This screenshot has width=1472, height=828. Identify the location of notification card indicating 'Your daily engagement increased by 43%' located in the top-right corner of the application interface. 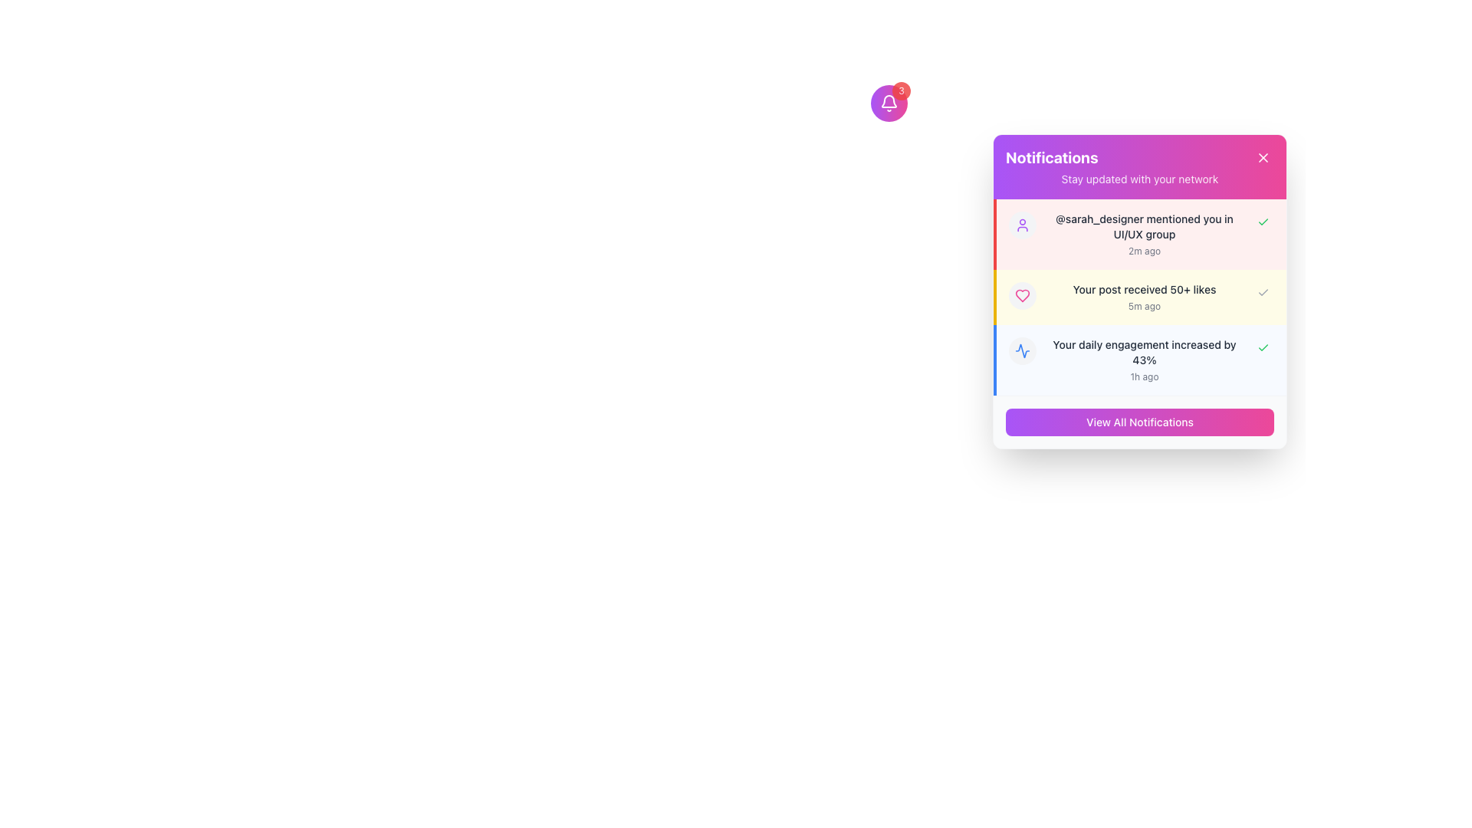
(1141, 360).